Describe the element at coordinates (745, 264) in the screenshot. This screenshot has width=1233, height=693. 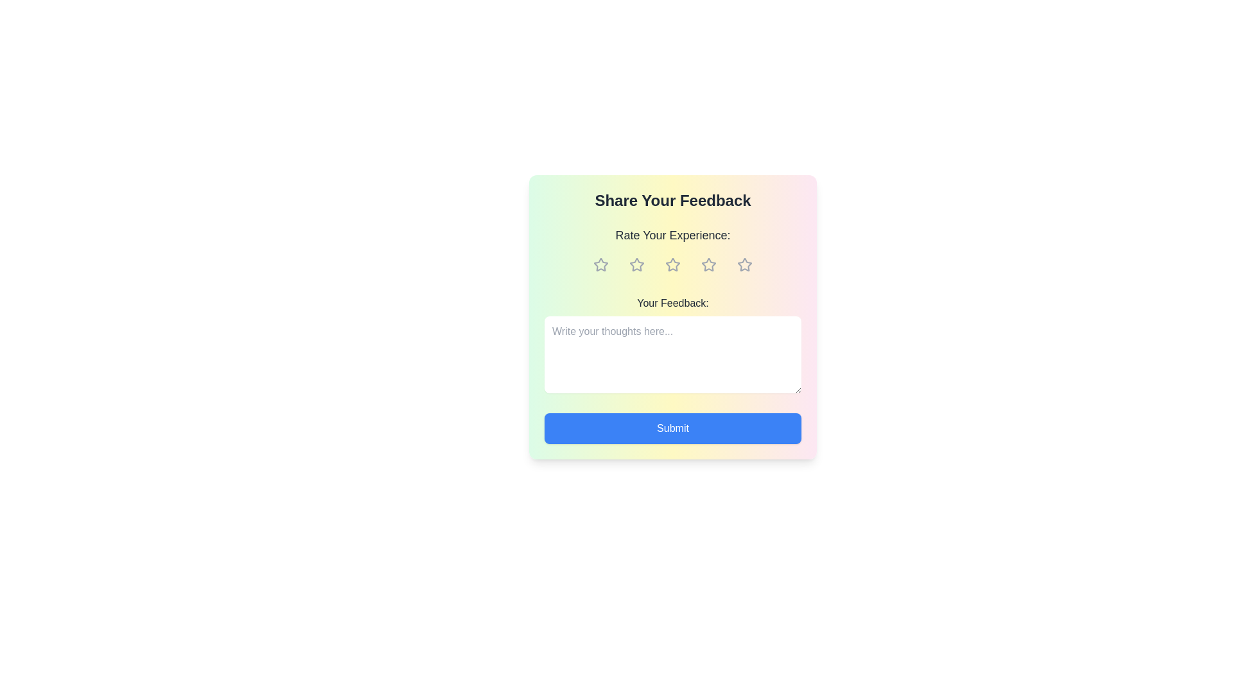
I see `the interactive button with an embedded star icon located at the top-center of the feedback form` at that location.